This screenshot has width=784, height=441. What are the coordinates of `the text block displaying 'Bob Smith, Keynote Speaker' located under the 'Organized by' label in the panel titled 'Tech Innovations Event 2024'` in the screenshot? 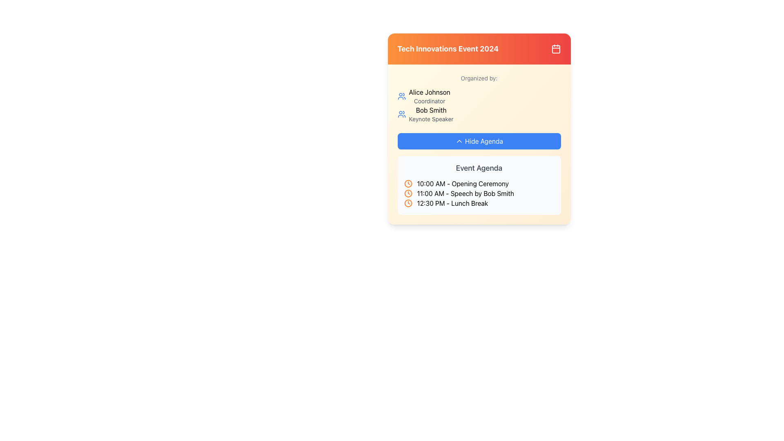 It's located at (431, 114).